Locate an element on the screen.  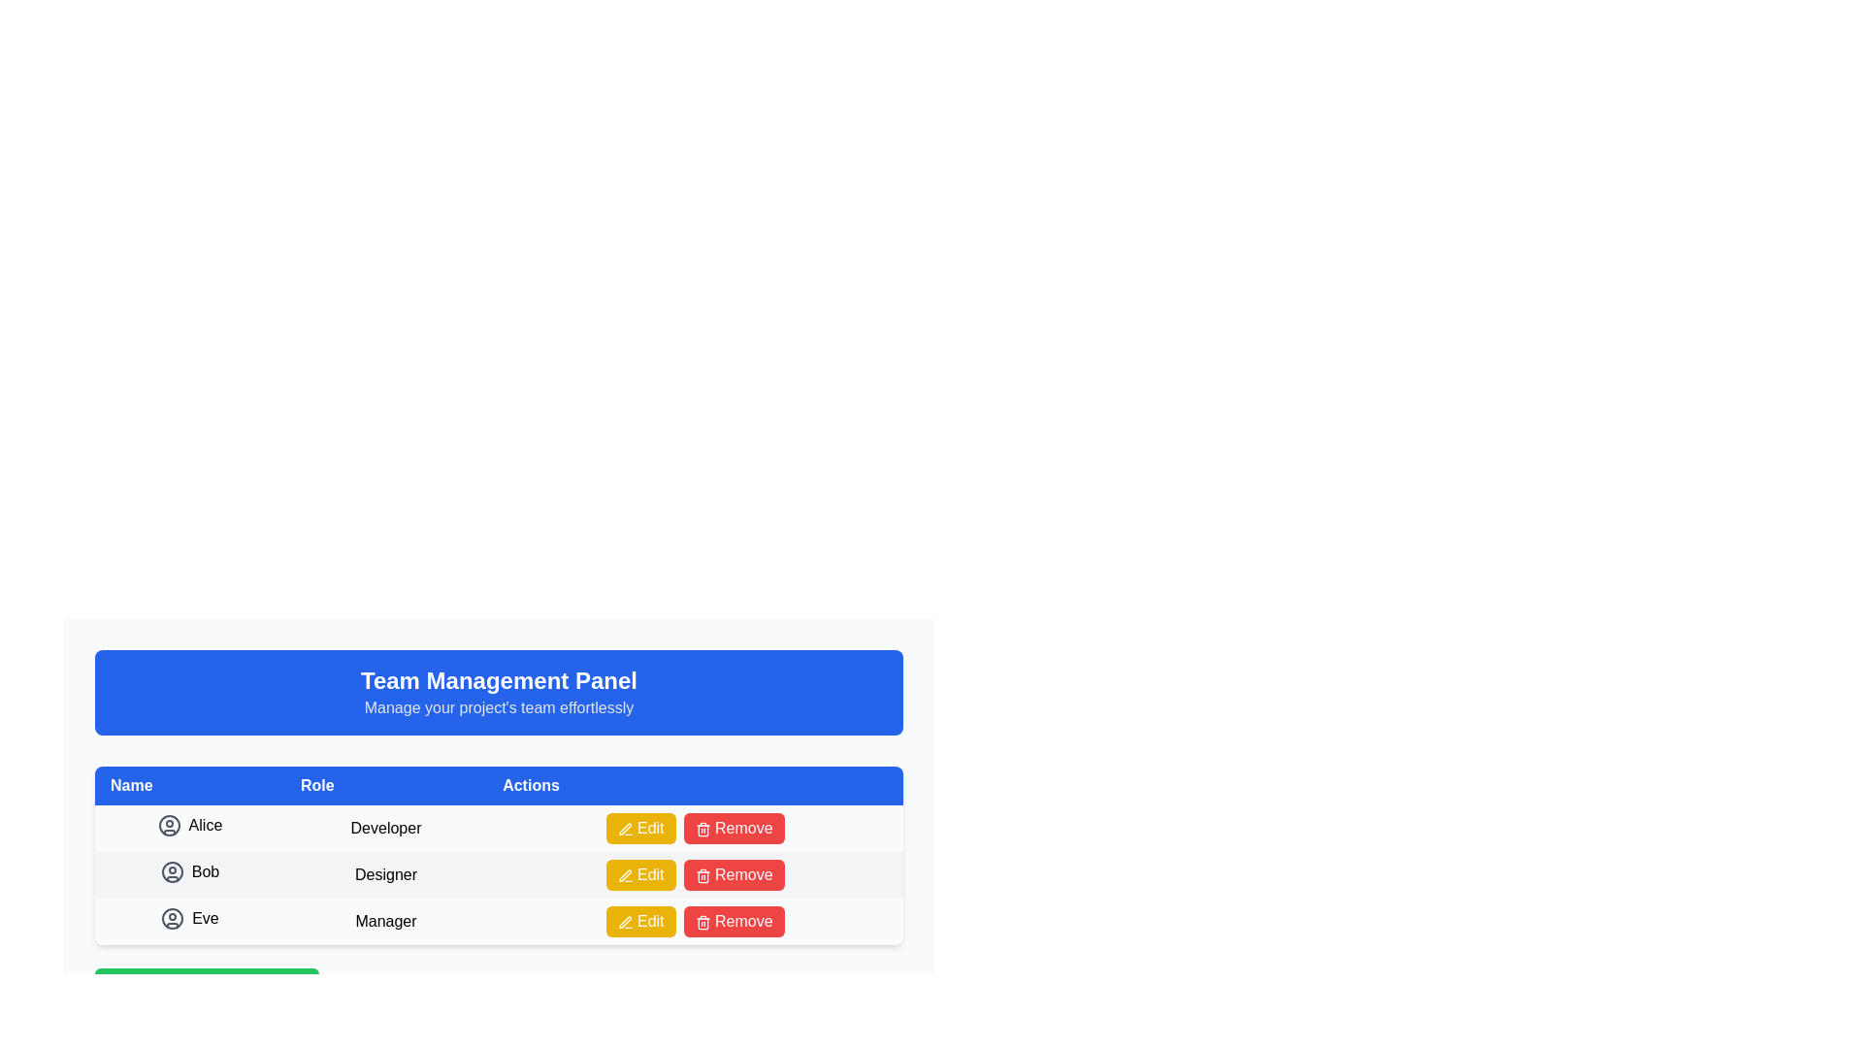
column titles from the blue rectangular table header, which includes 'Name', 'Role', and 'Actions' is located at coordinates (499, 786).